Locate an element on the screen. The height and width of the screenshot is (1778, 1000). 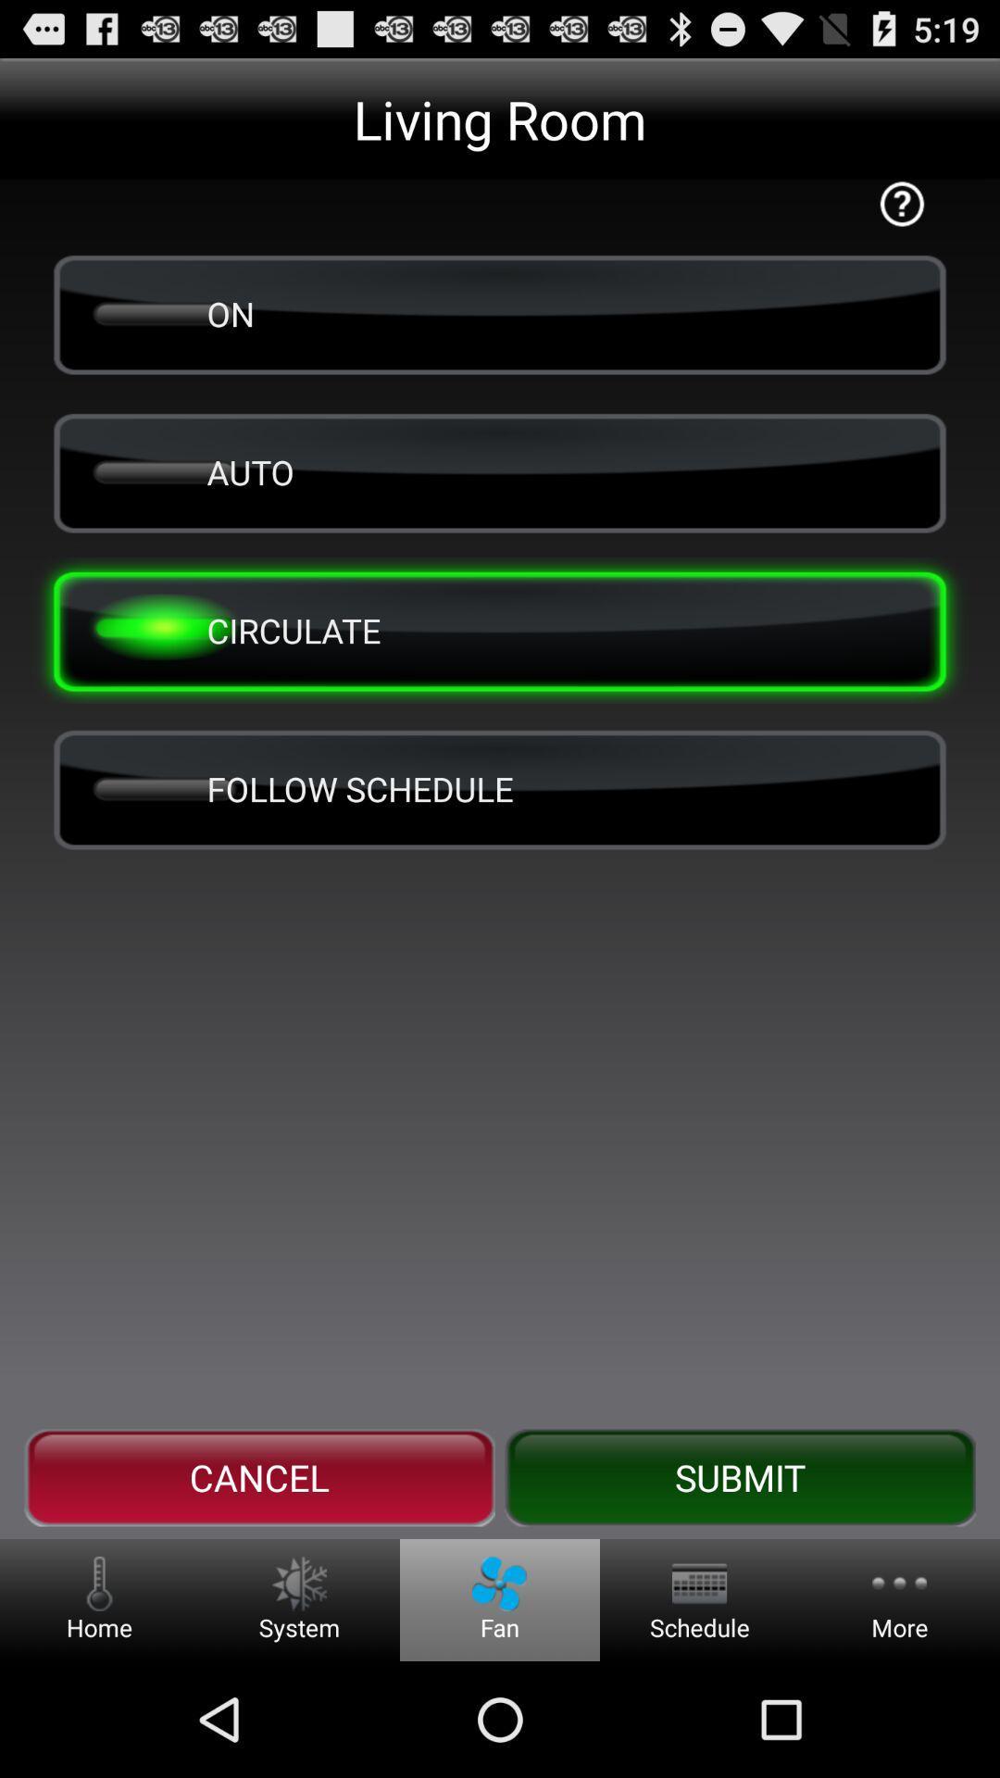
cancel icon is located at coordinates (259, 1477).